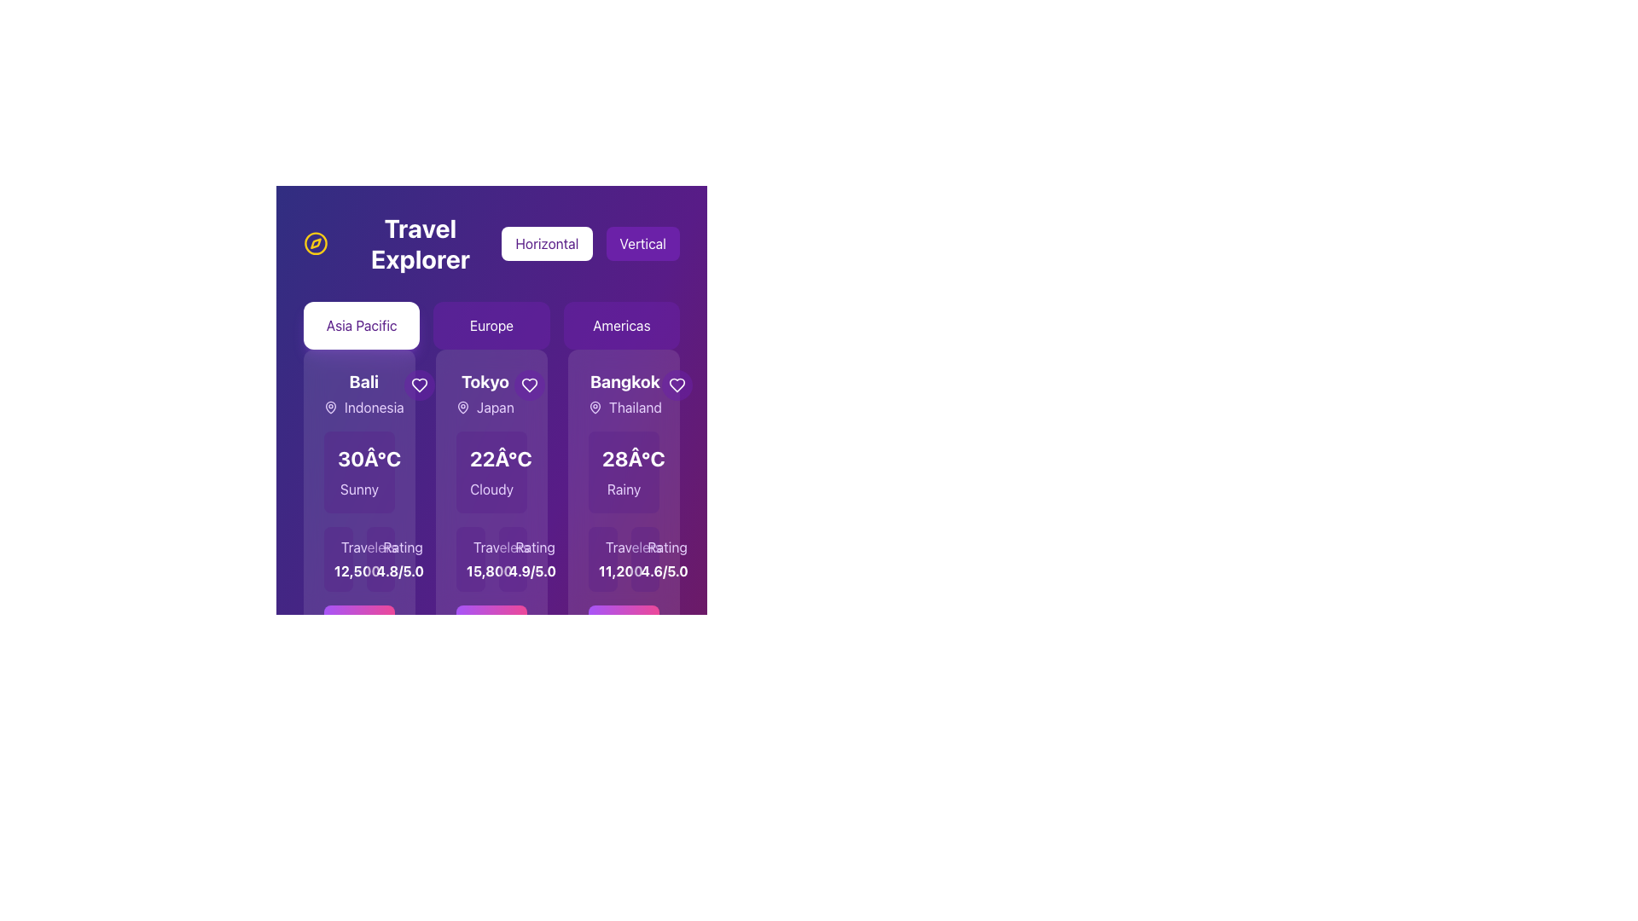 The height and width of the screenshot is (921, 1638). What do you see at coordinates (462, 408) in the screenshot?
I see `the pin location icon indicating a geographical association for 'Japan' to interact with it` at bounding box center [462, 408].